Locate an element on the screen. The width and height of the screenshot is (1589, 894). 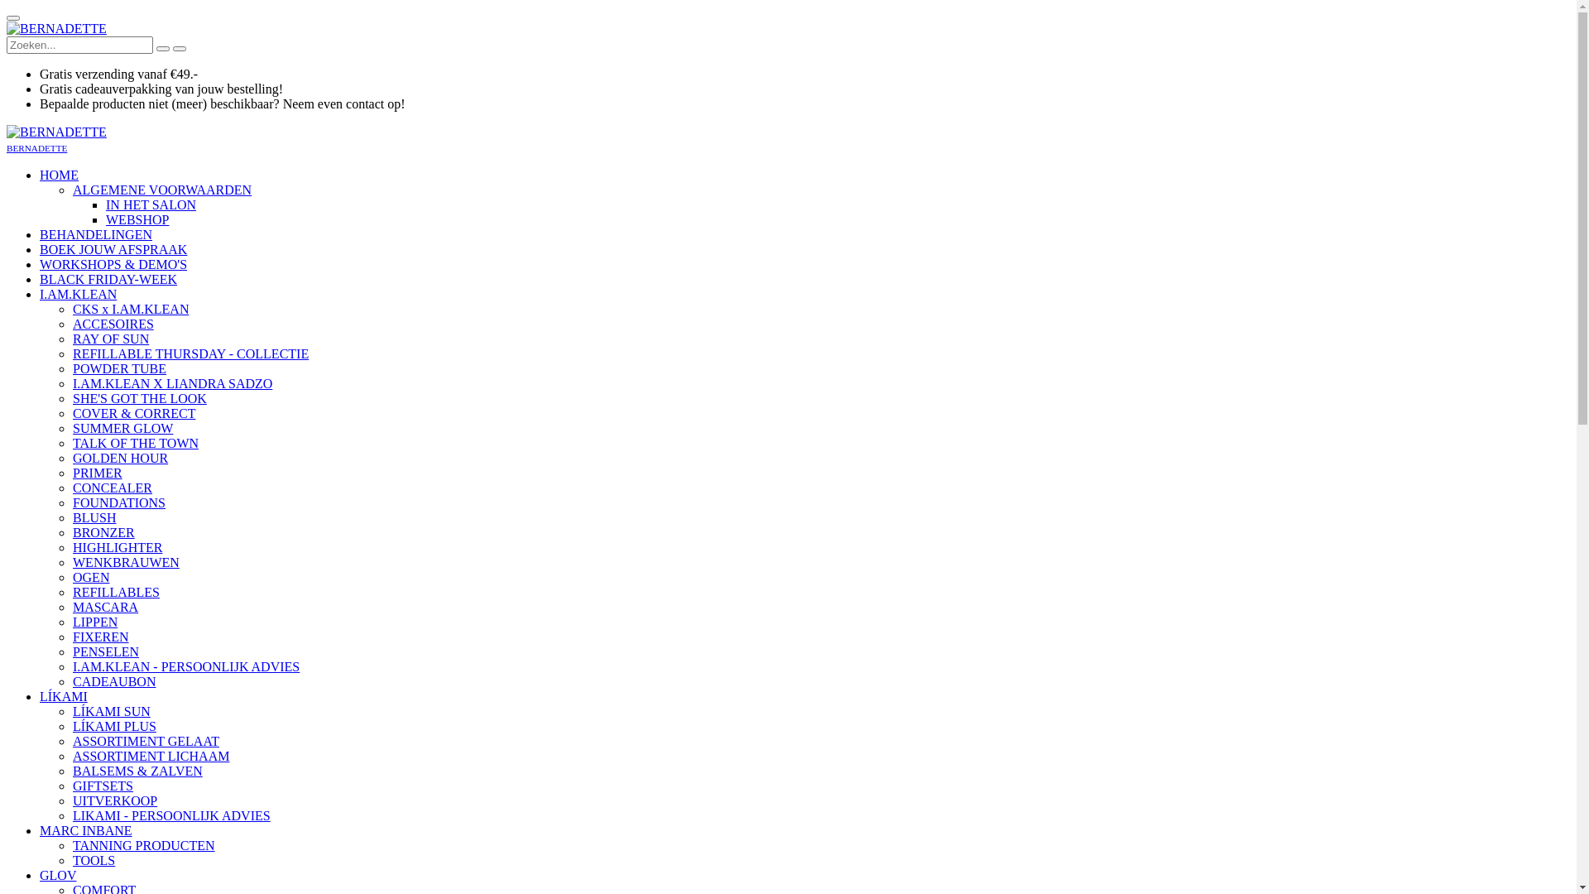
'BLUSH' is located at coordinates (71, 517).